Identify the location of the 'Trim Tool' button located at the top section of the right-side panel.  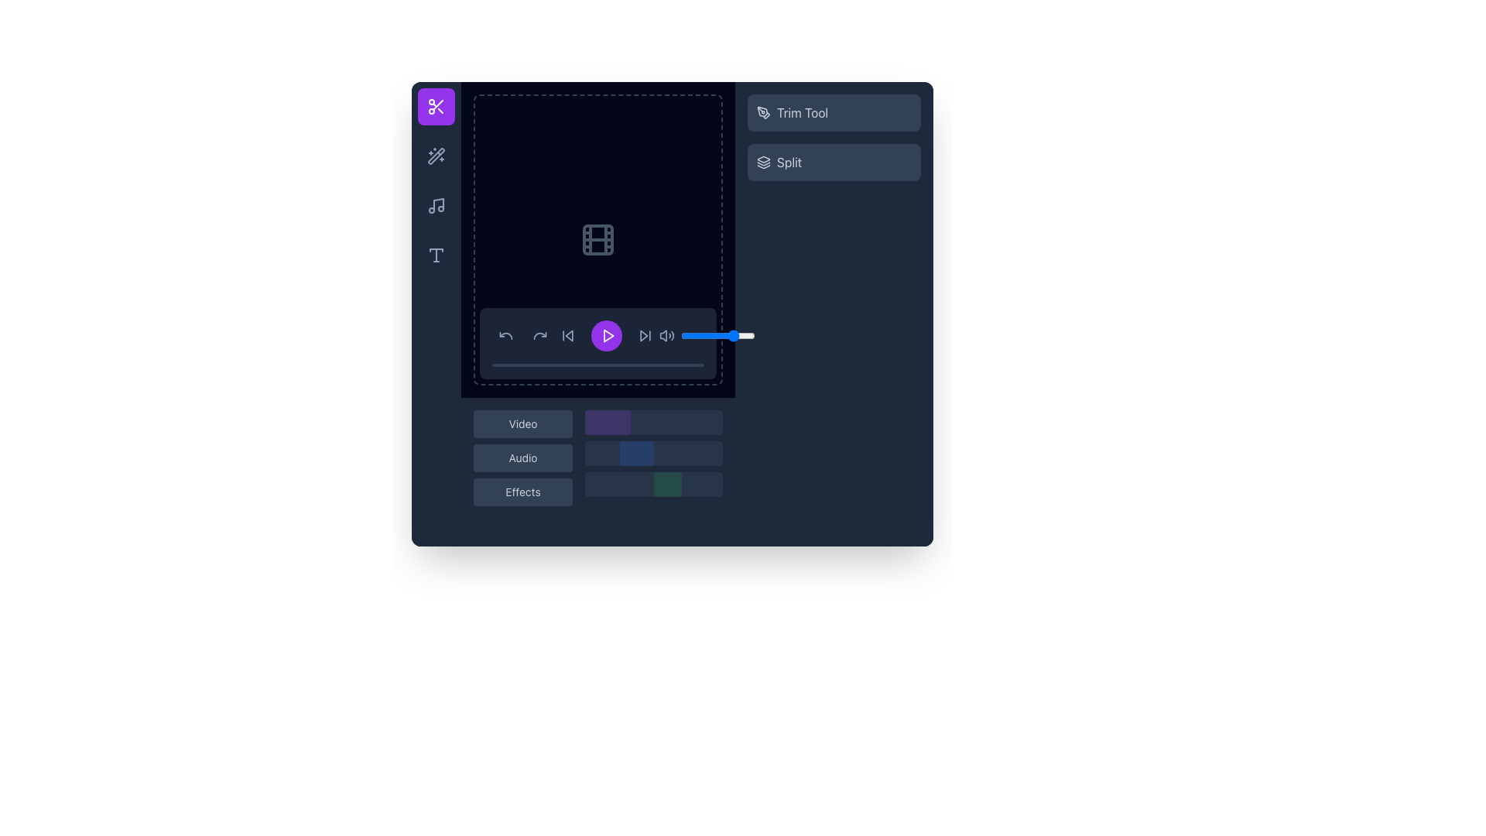
(834, 112).